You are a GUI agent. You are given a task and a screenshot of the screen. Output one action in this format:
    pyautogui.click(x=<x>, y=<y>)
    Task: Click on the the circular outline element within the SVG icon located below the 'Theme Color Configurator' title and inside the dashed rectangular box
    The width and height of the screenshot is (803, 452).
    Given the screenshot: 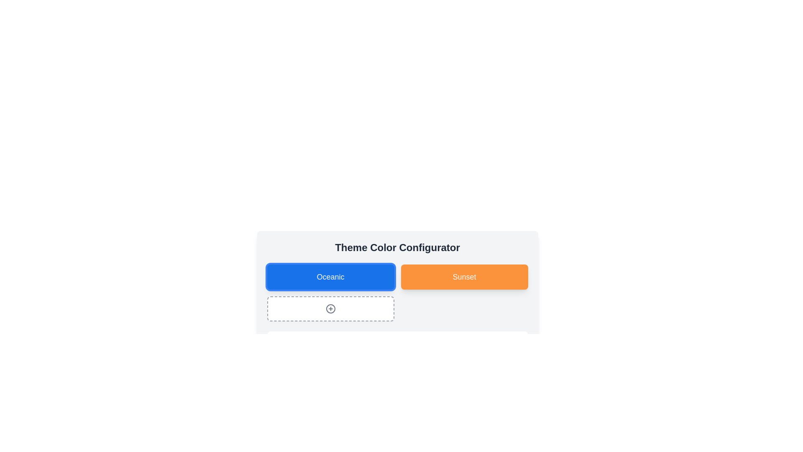 What is the action you would take?
    pyautogui.click(x=330, y=308)
    